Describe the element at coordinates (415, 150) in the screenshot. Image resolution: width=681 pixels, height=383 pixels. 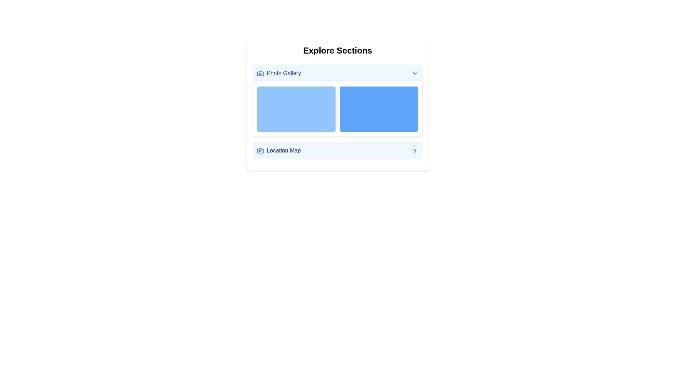
I see `the chevron right icon, which is a blue arrow located on the far right of the 'Location Map' row in the 'Explore Sections' card` at that location.